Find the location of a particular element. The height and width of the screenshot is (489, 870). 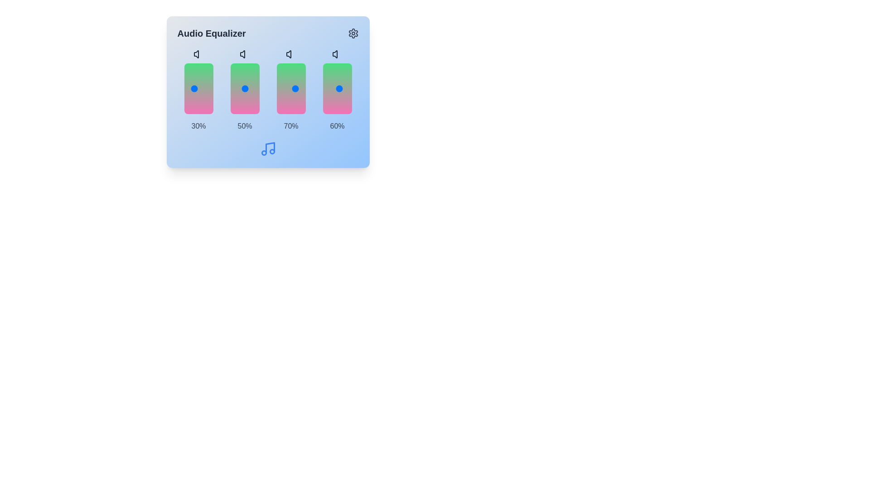

the settings icon located at the top-right corner of the component is located at coordinates (353, 33).